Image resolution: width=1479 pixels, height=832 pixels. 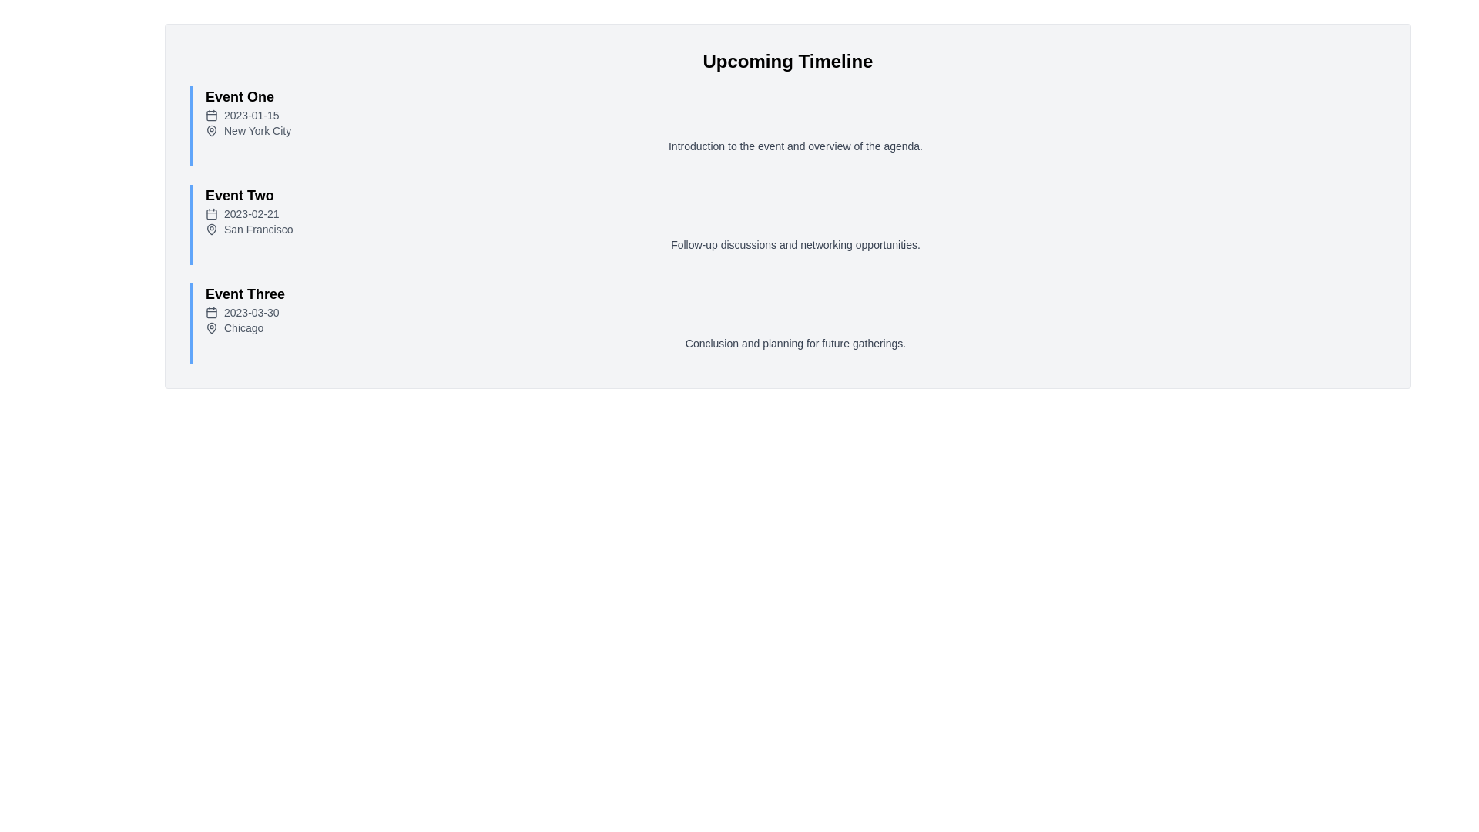 What do you see at coordinates (210, 129) in the screenshot?
I see `the SVG icon representing a map pin located in the first timeline entry titled 'Event One,' positioned to the left of 'New York City' and below '2023-01-15.'` at bounding box center [210, 129].